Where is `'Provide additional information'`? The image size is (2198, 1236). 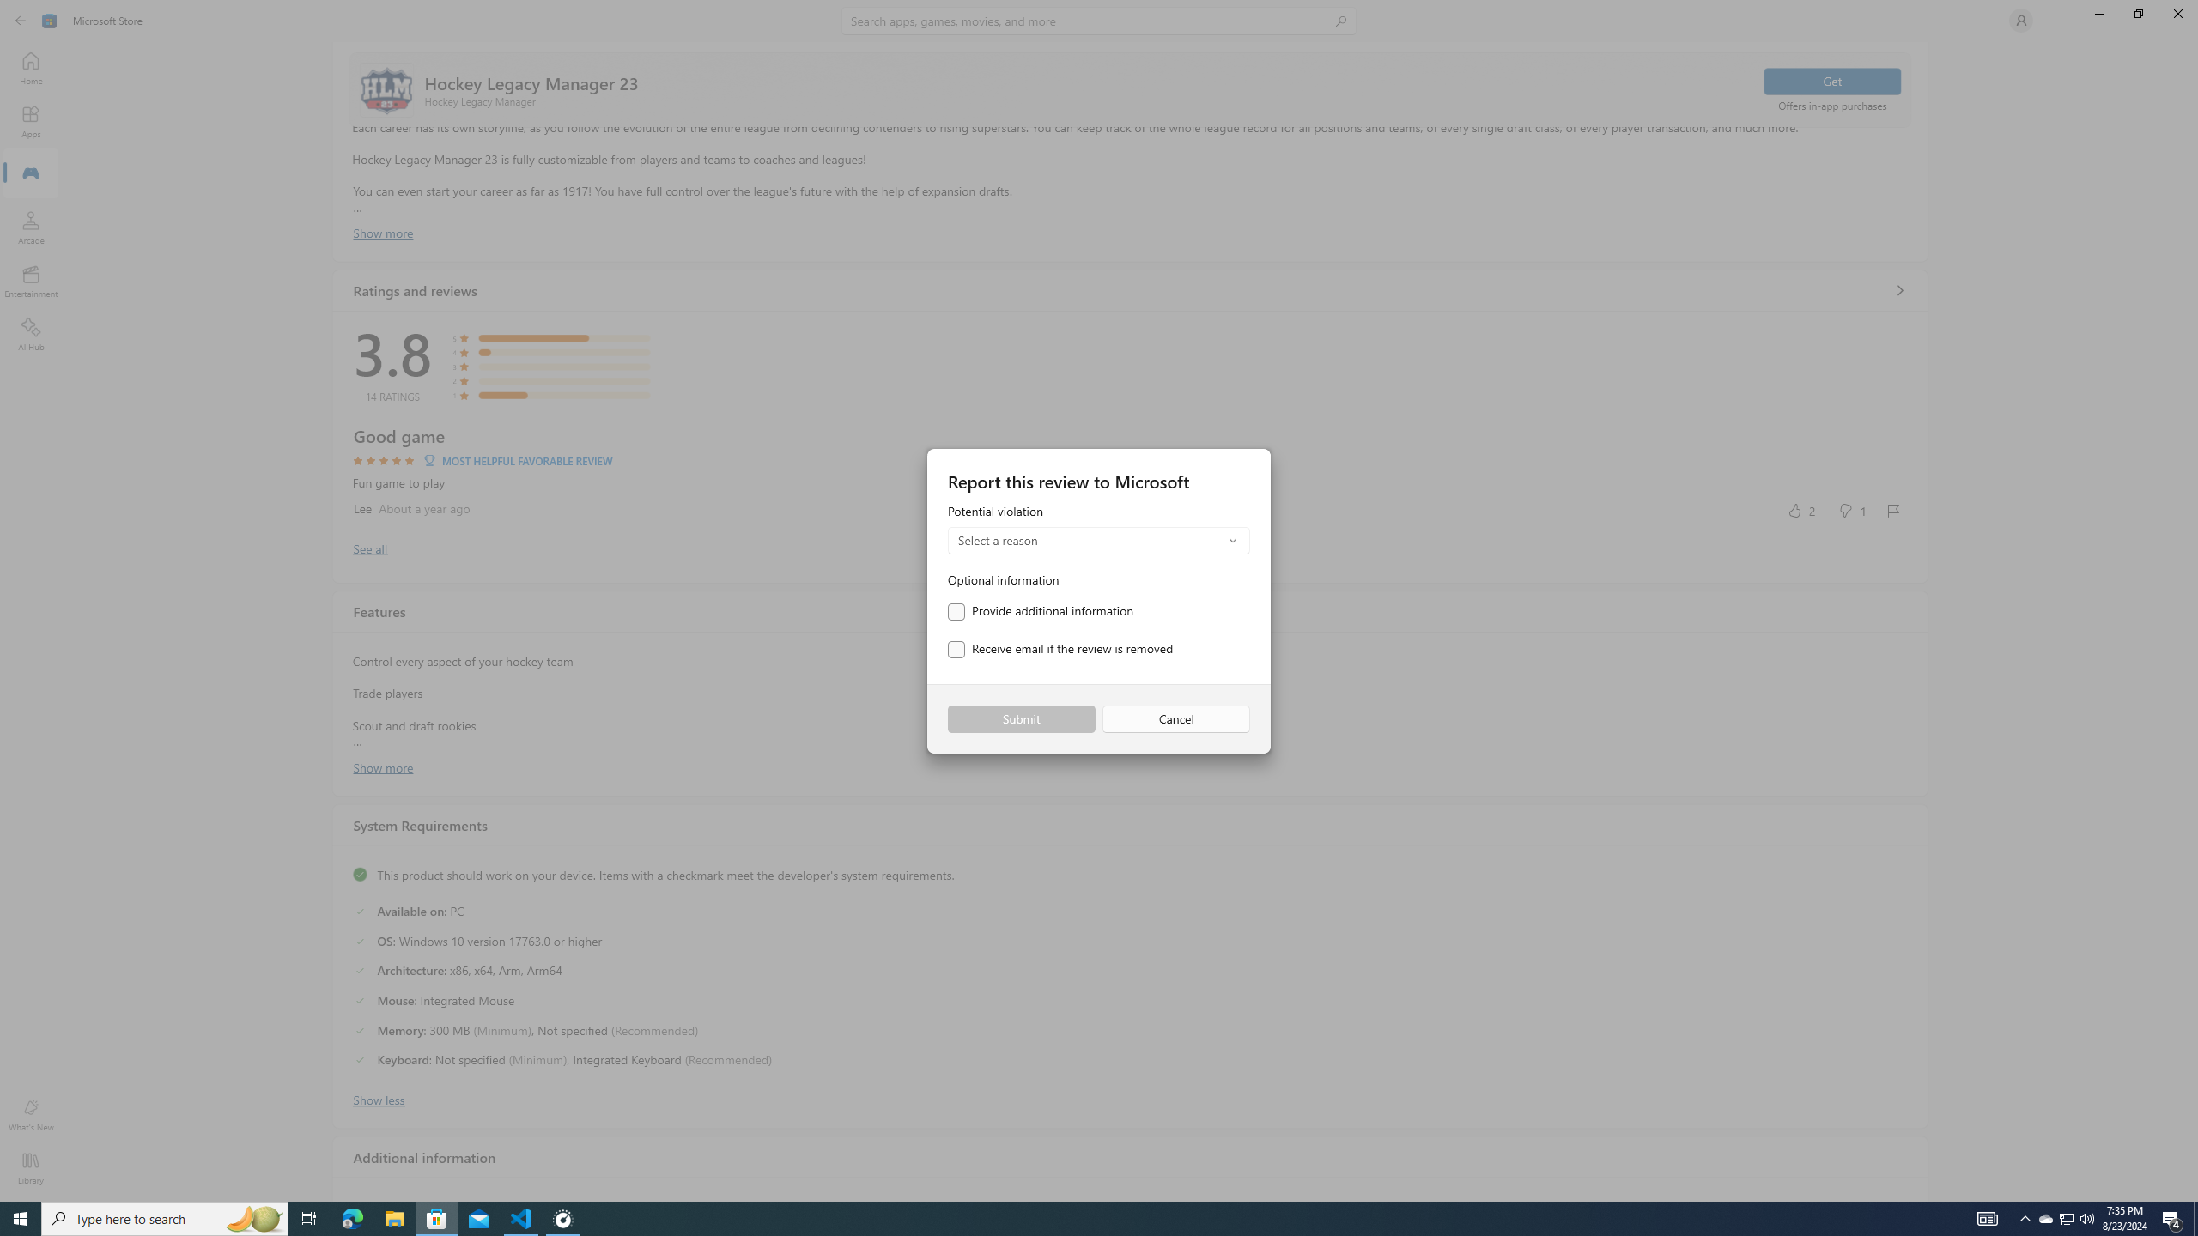
'Provide additional information' is located at coordinates (1040, 611).